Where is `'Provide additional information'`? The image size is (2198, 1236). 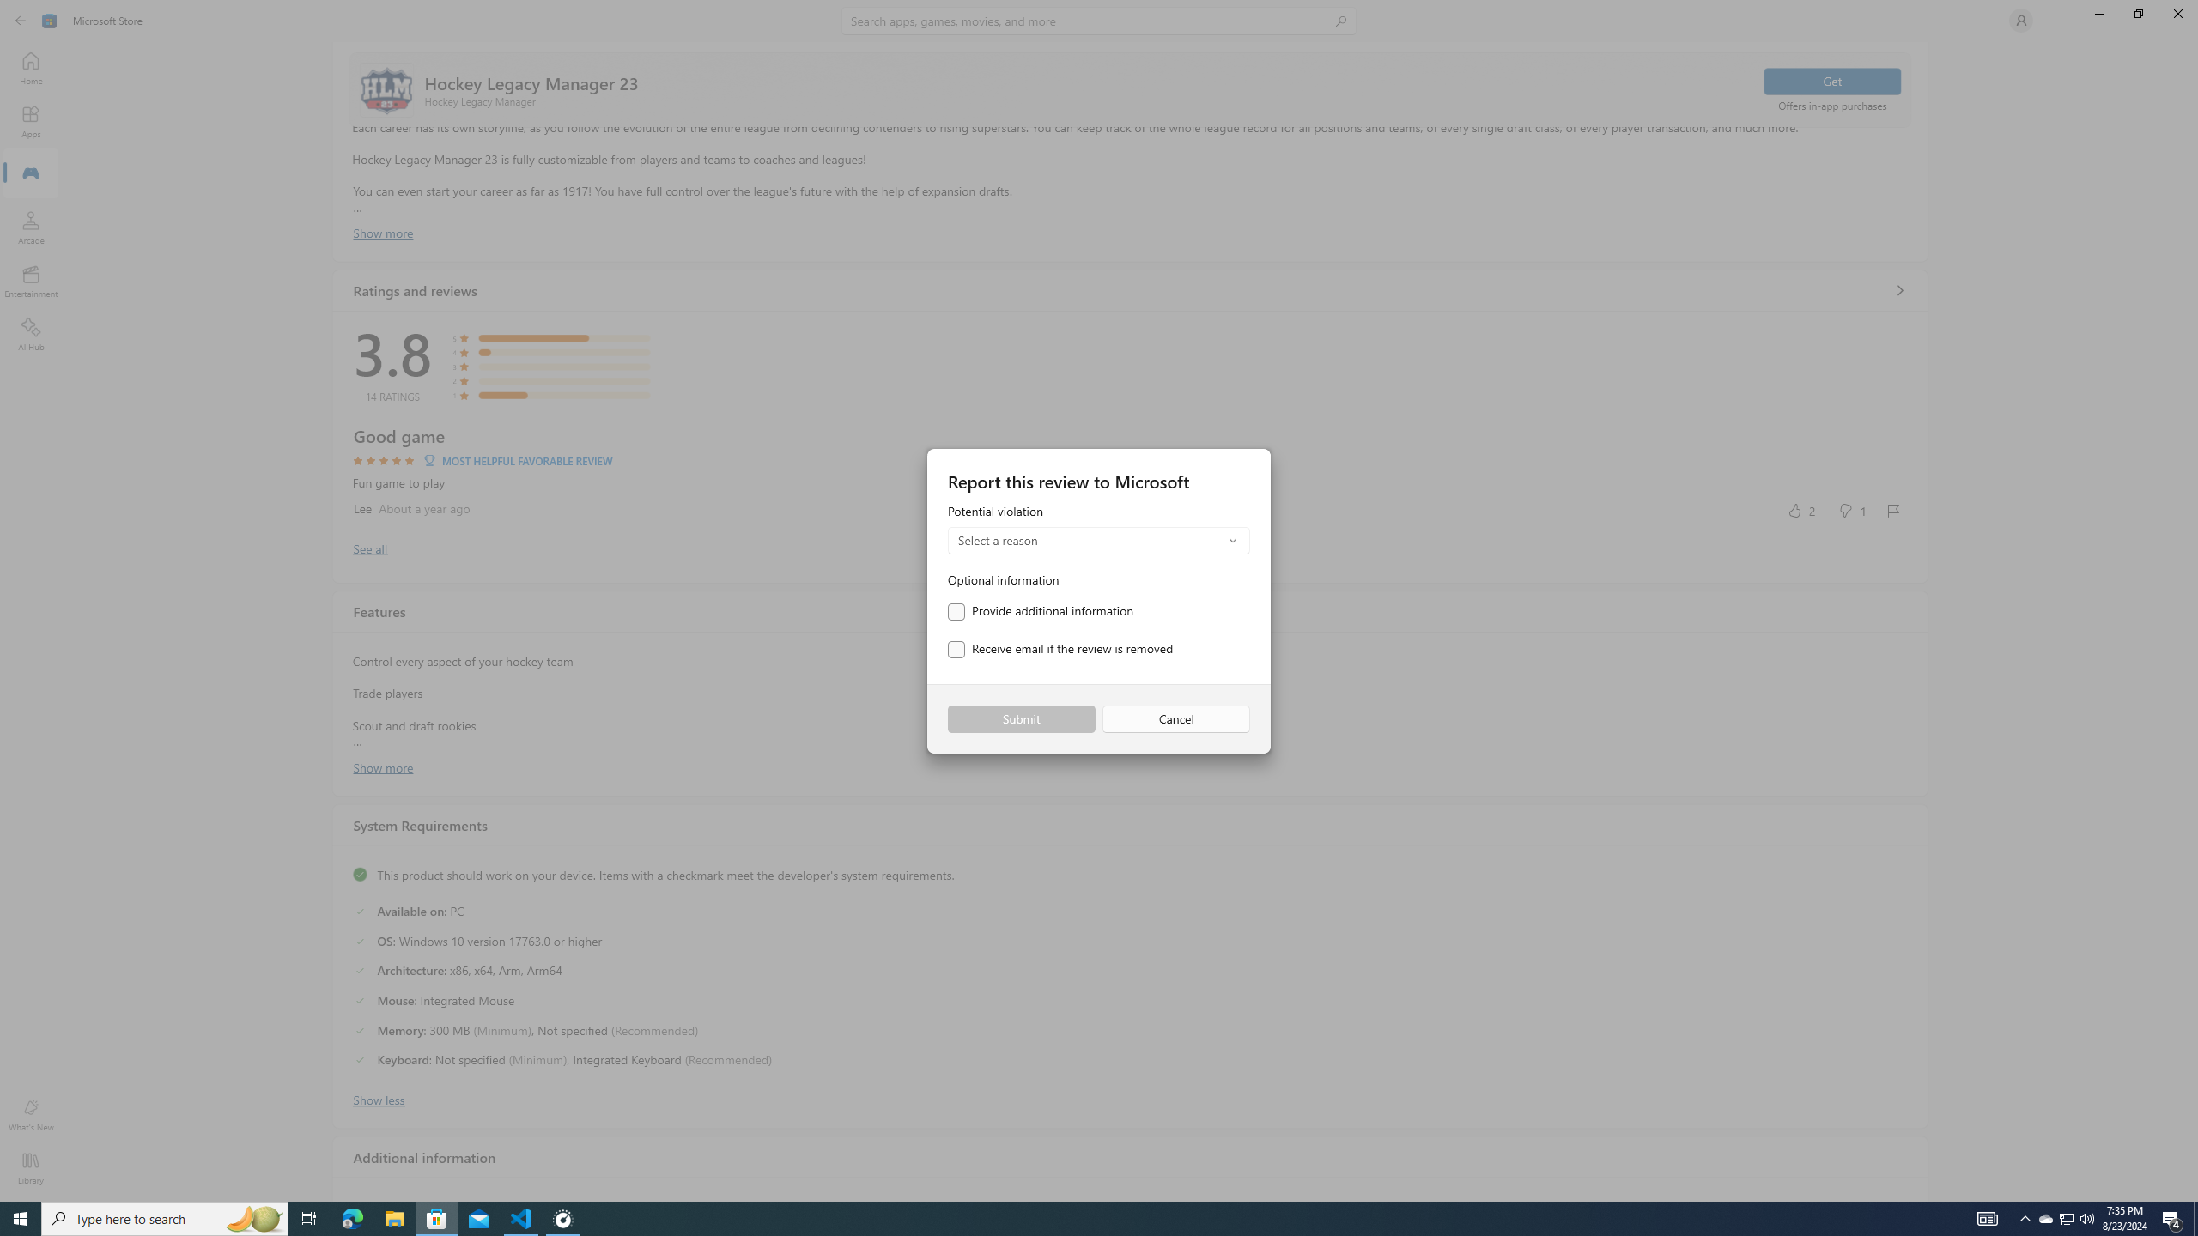
'Provide additional information' is located at coordinates (1040, 611).